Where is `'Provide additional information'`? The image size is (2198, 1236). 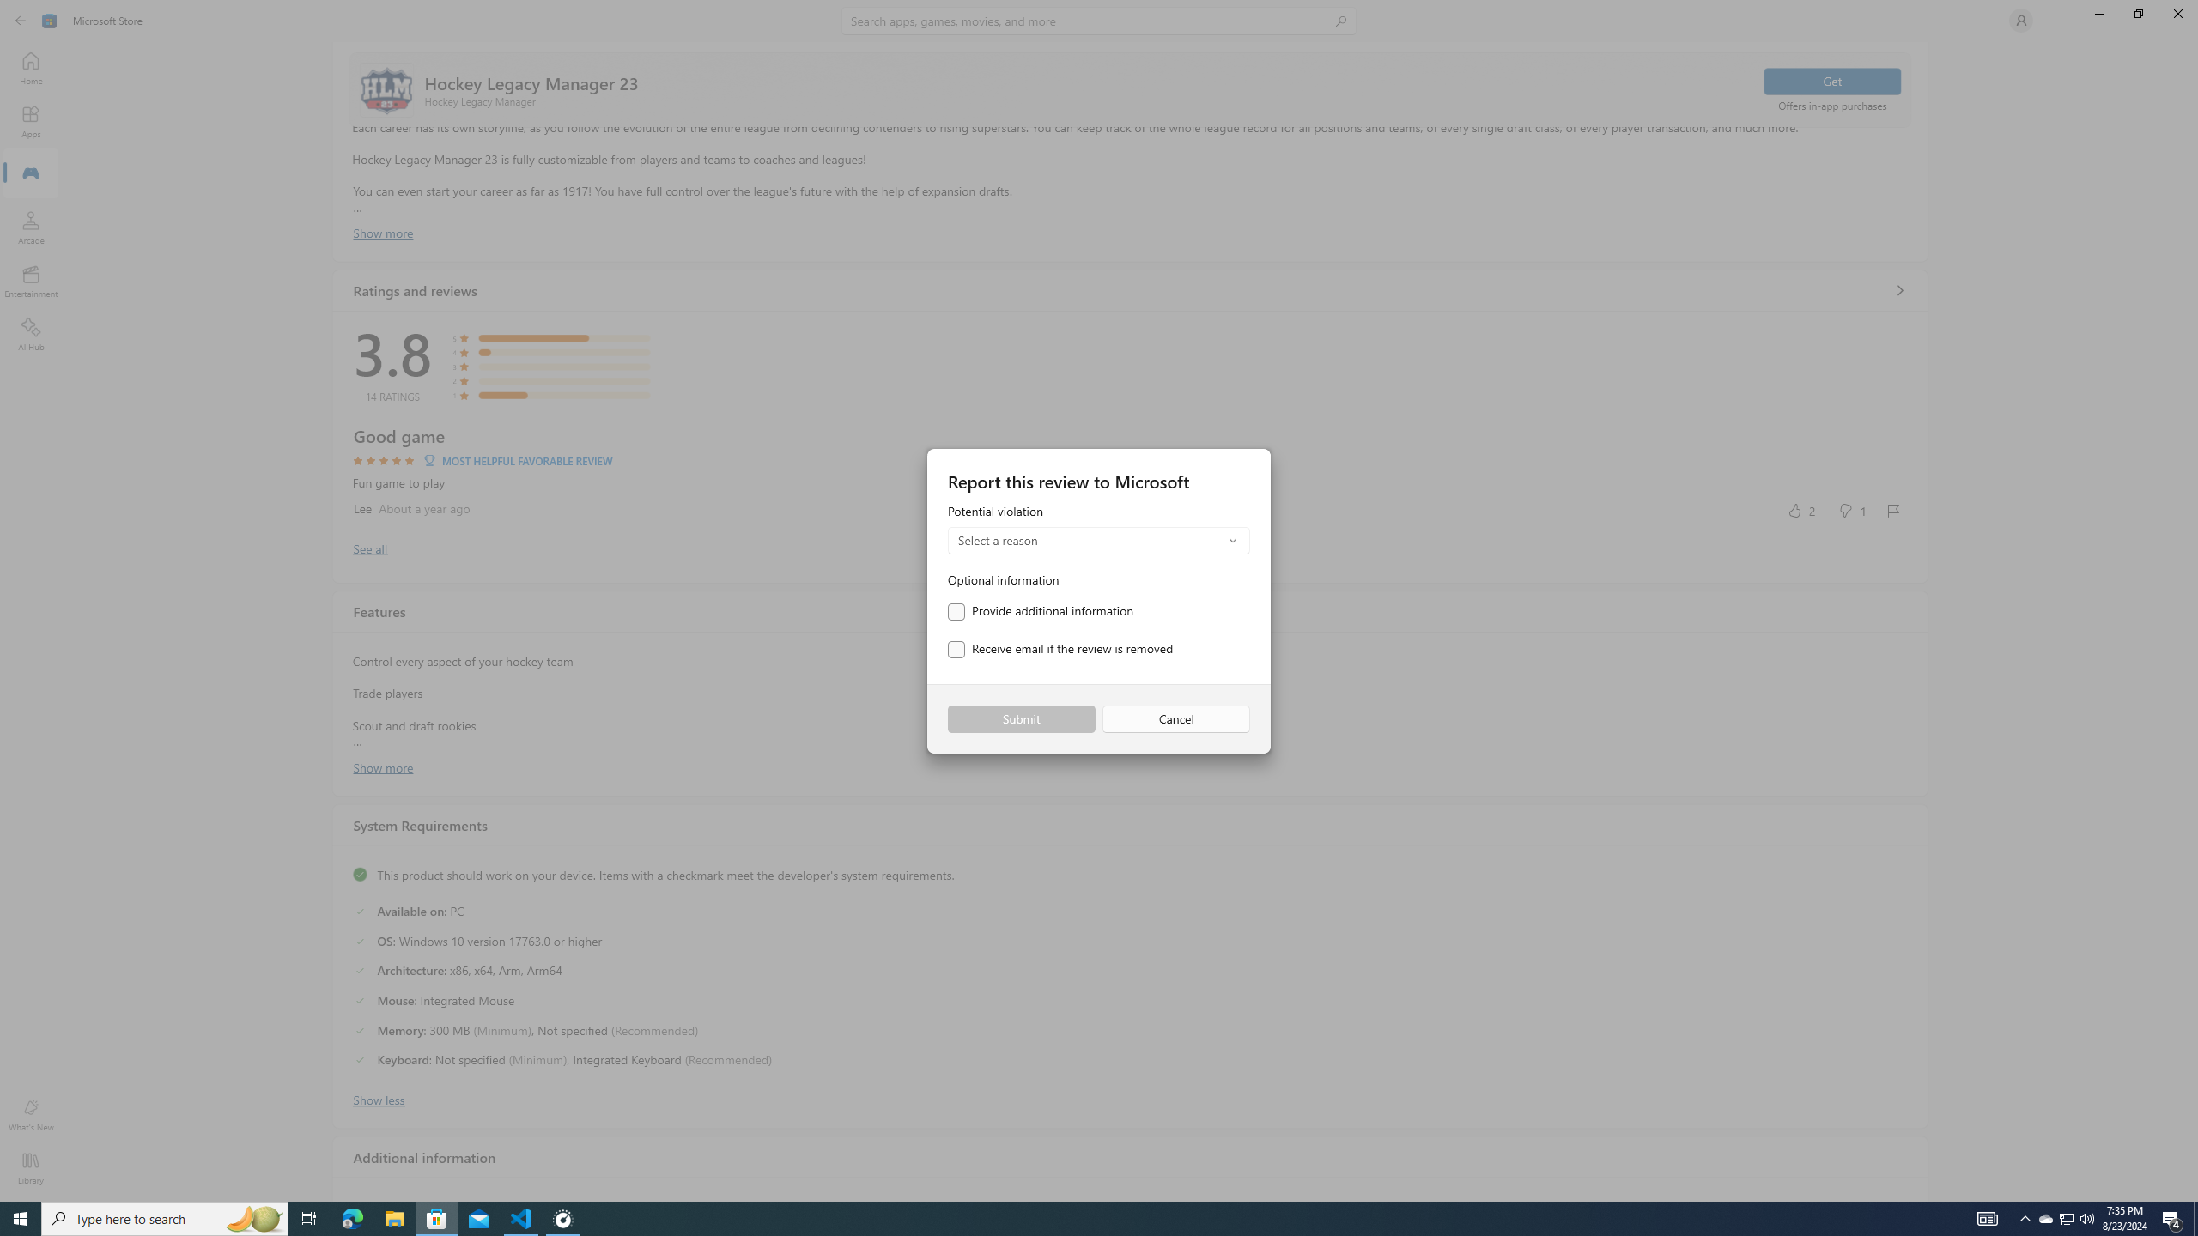
'Provide additional information' is located at coordinates (1040, 611).